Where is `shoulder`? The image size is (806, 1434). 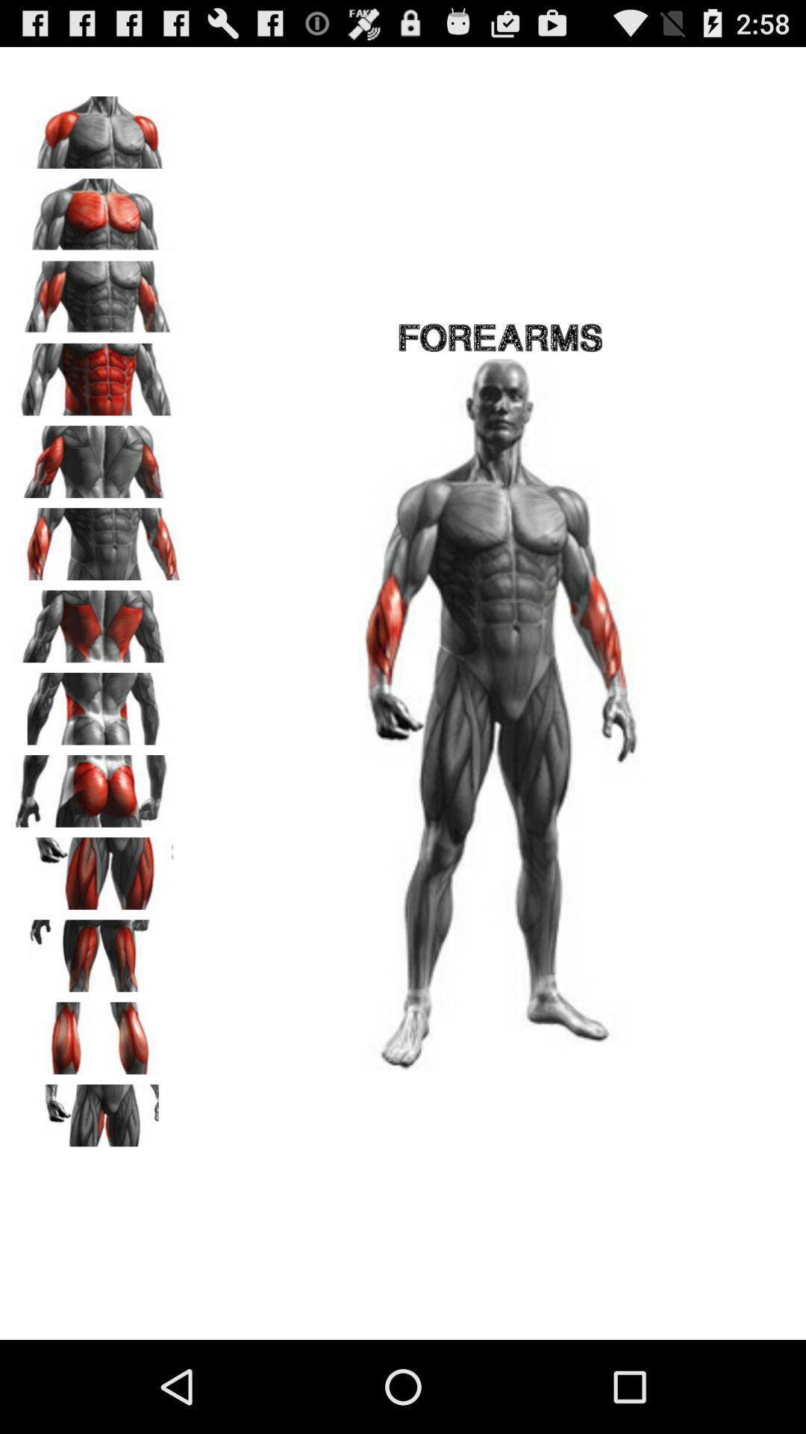 shoulder is located at coordinates (98, 127).